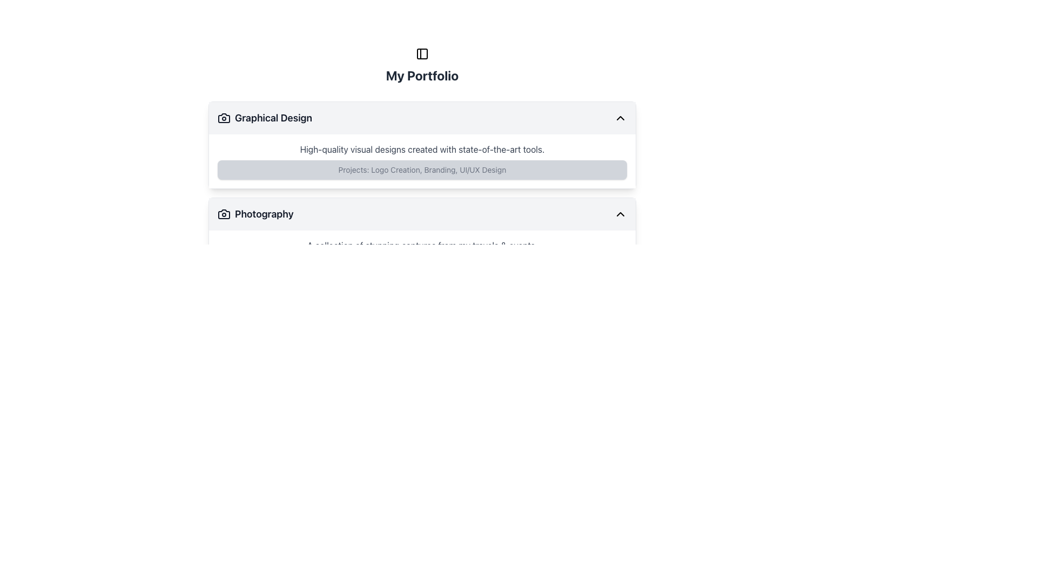  Describe the element at coordinates (422, 54) in the screenshot. I see `the compact icon resembling a side panel layout` at that location.